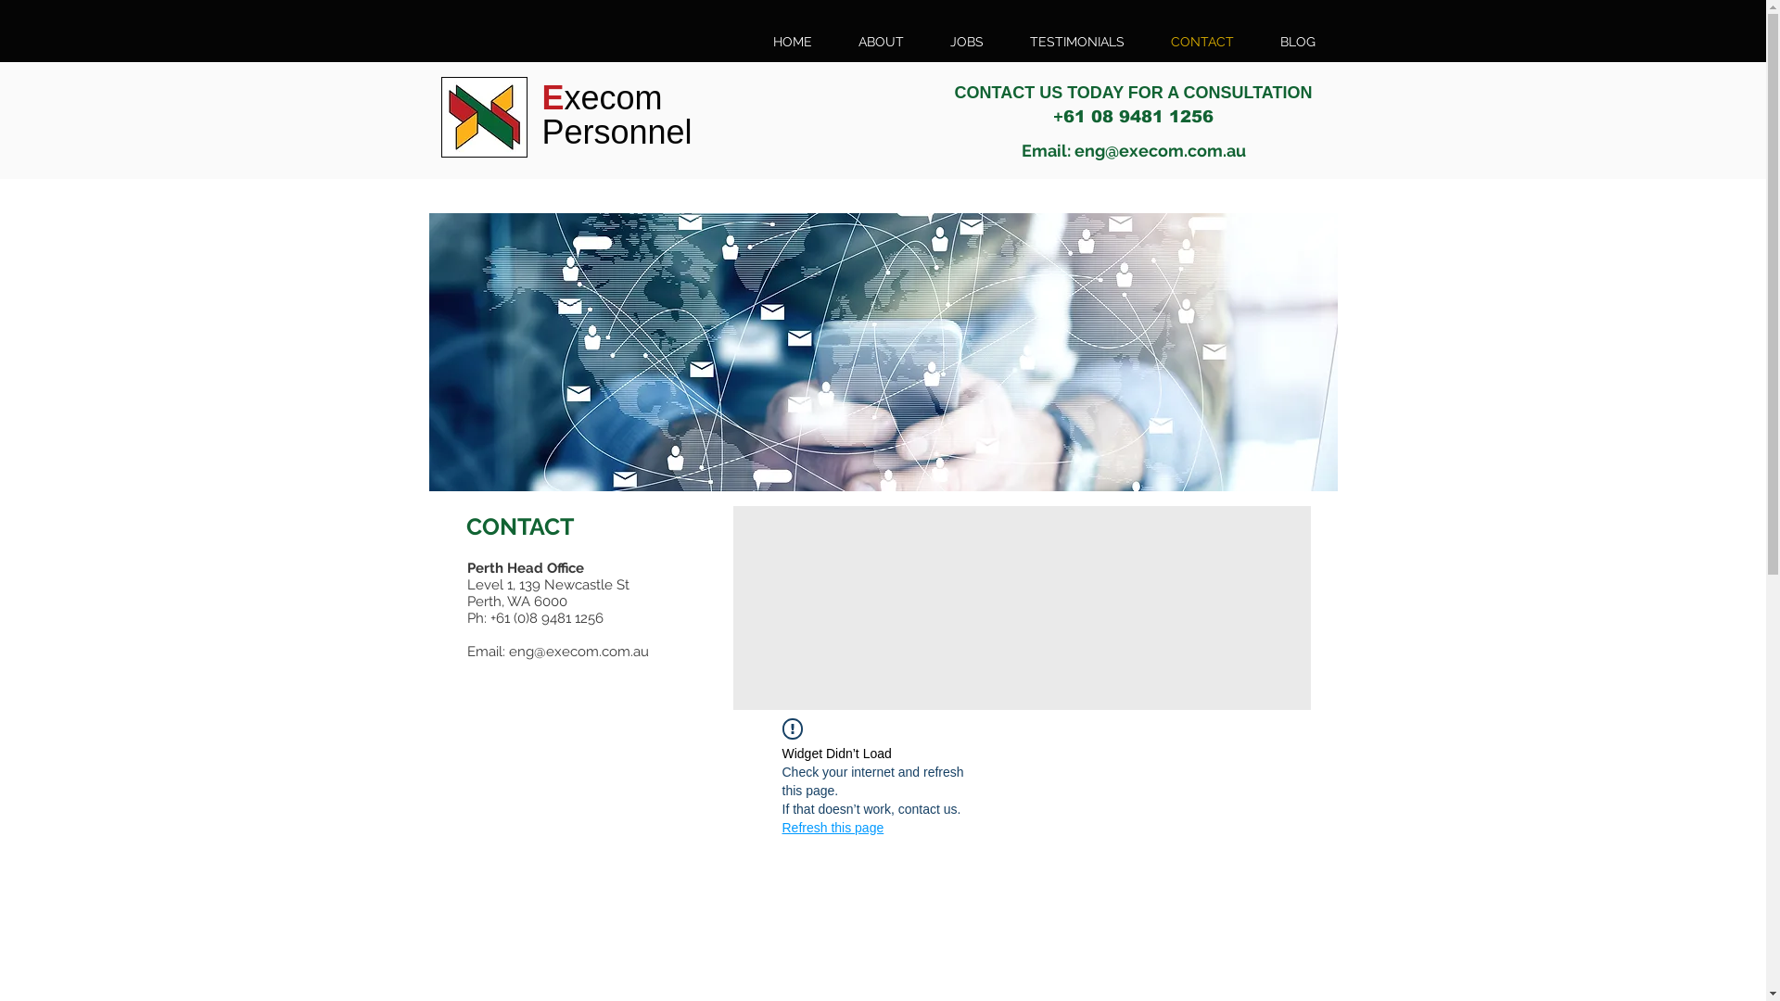  What do you see at coordinates (540, 131) in the screenshot?
I see `'Personnel'` at bounding box center [540, 131].